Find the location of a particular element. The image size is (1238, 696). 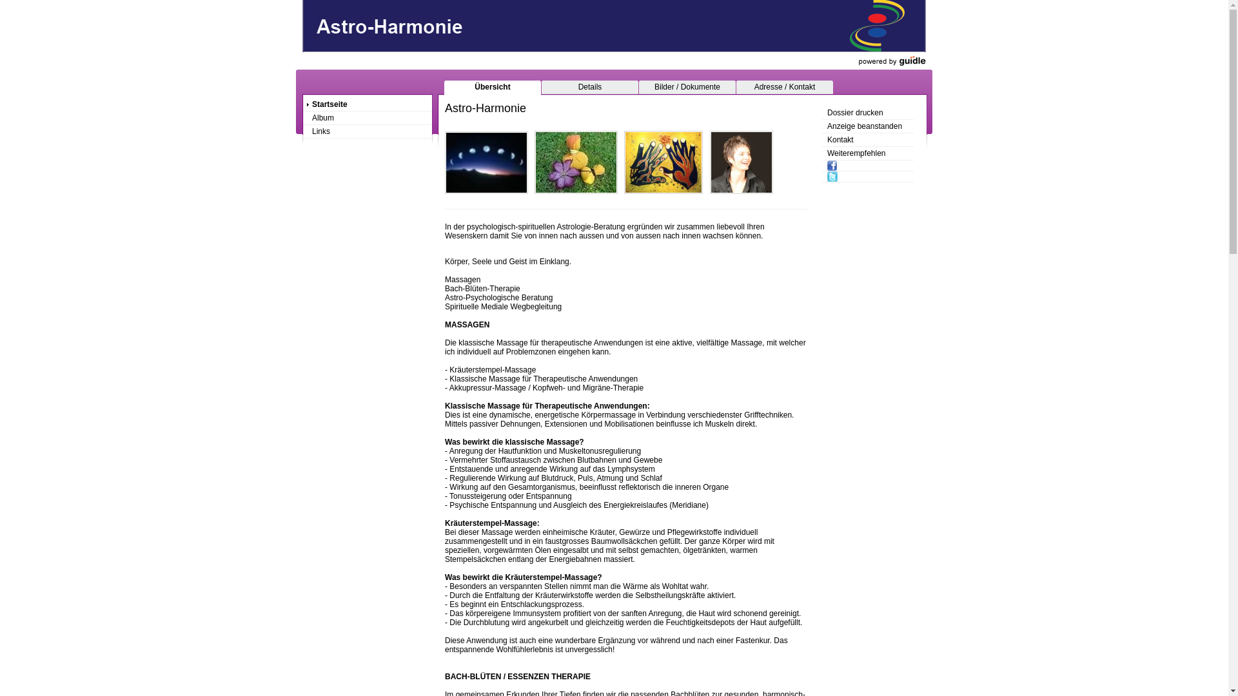

'Adresse / Kontakt' is located at coordinates (784, 87).